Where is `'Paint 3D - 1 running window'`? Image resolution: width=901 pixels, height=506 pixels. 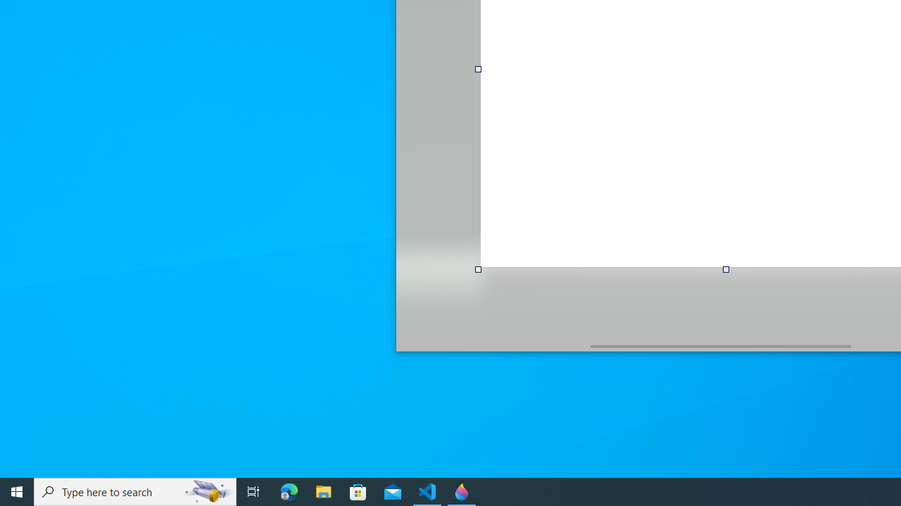
'Paint 3D - 1 running window' is located at coordinates (462, 491).